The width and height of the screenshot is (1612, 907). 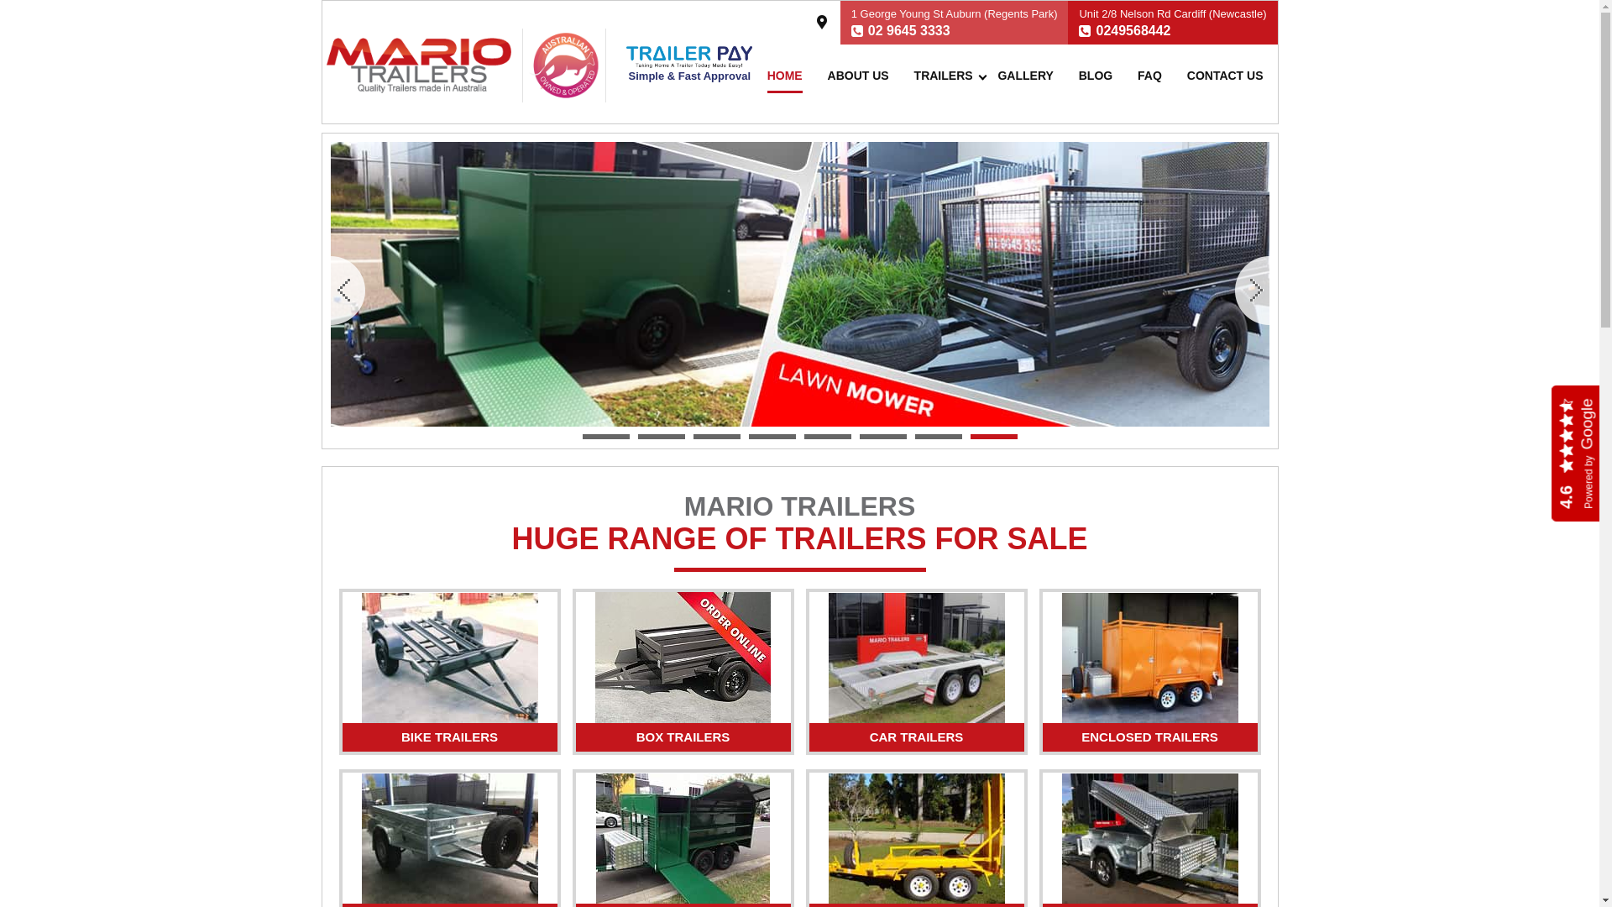 What do you see at coordinates (1149, 74) in the screenshot?
I see `'FAQ'` at bounding box center [1149, 74].